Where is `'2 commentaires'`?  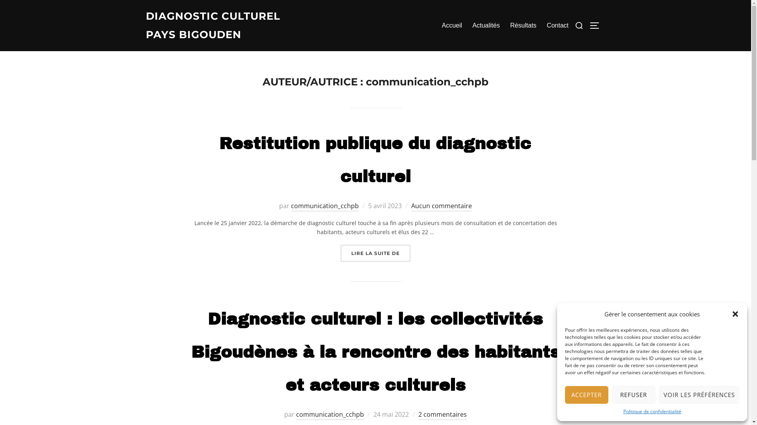 '2 commentaires' is located at coordinates (442, 414).